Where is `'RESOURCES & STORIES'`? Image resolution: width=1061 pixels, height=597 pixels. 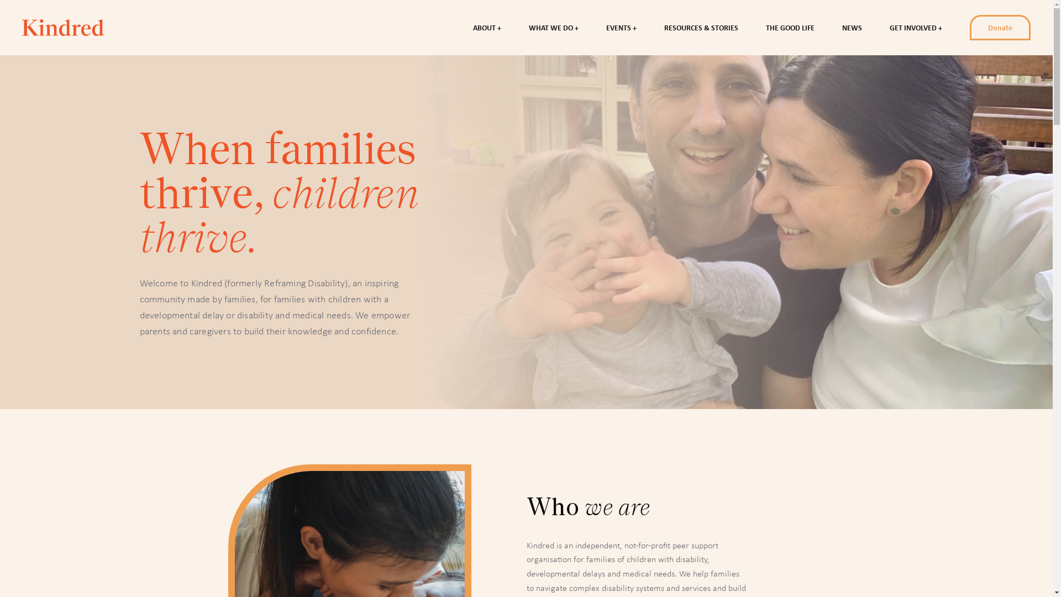 'RESOURCES & STORIES' is located at coordinates (663, 27).